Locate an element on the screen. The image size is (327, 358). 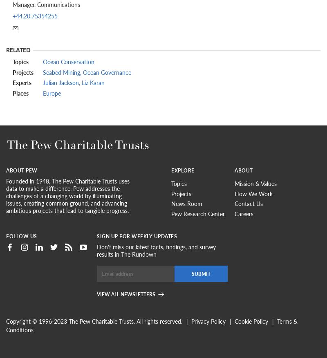
'Follow Us' is located at coordinates (6, 236).